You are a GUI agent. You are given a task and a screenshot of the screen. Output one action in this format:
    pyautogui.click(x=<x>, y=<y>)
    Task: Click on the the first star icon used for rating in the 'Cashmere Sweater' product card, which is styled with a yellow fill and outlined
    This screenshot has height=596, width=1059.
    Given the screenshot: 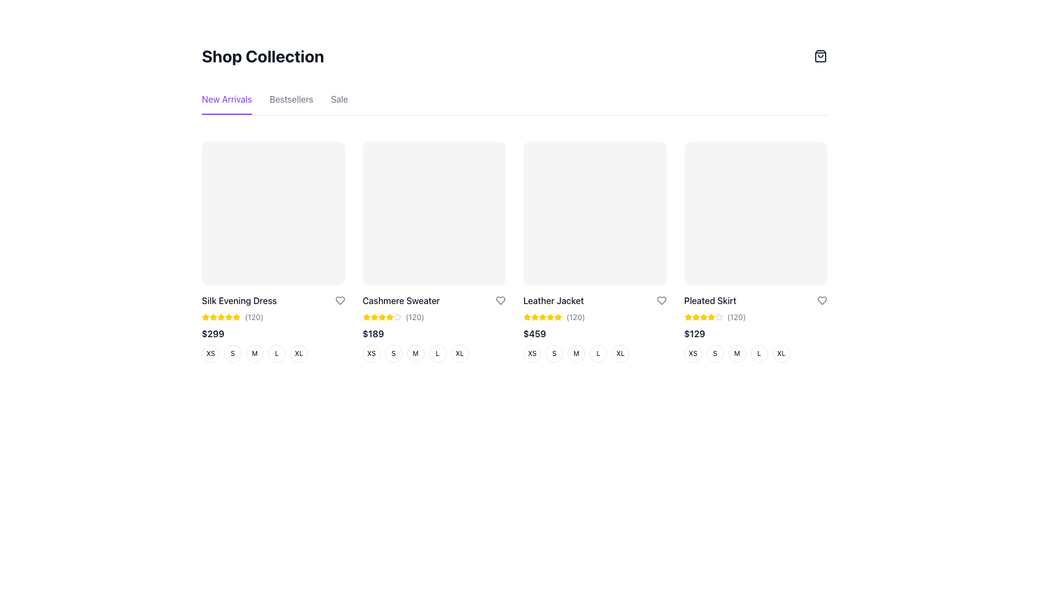 What is the action you would take?
    pyautogui.click(x=382, y=317)
    